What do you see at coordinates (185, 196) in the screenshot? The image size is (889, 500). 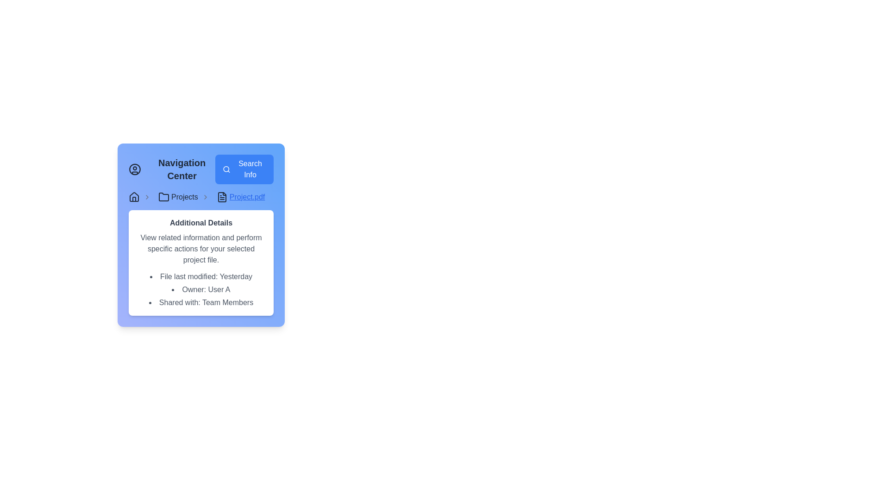 I see `the breadcrumb navigation step labeled 'Projects'` at bounding box center [185, 196].